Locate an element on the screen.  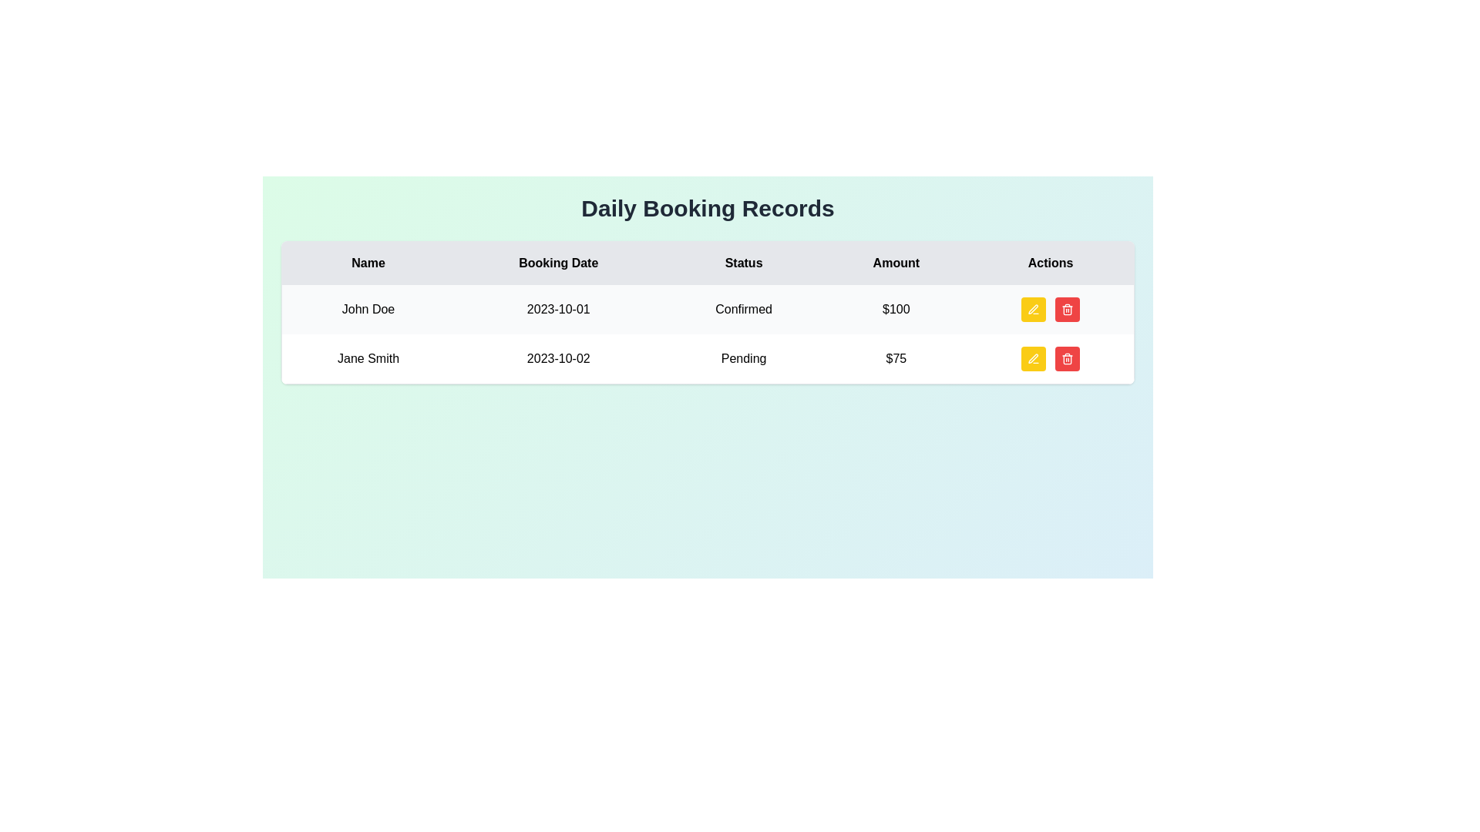
the 'Name' text label located in the top-left portion of the table header, which has a light gray background is located at coordinates (367, 262).